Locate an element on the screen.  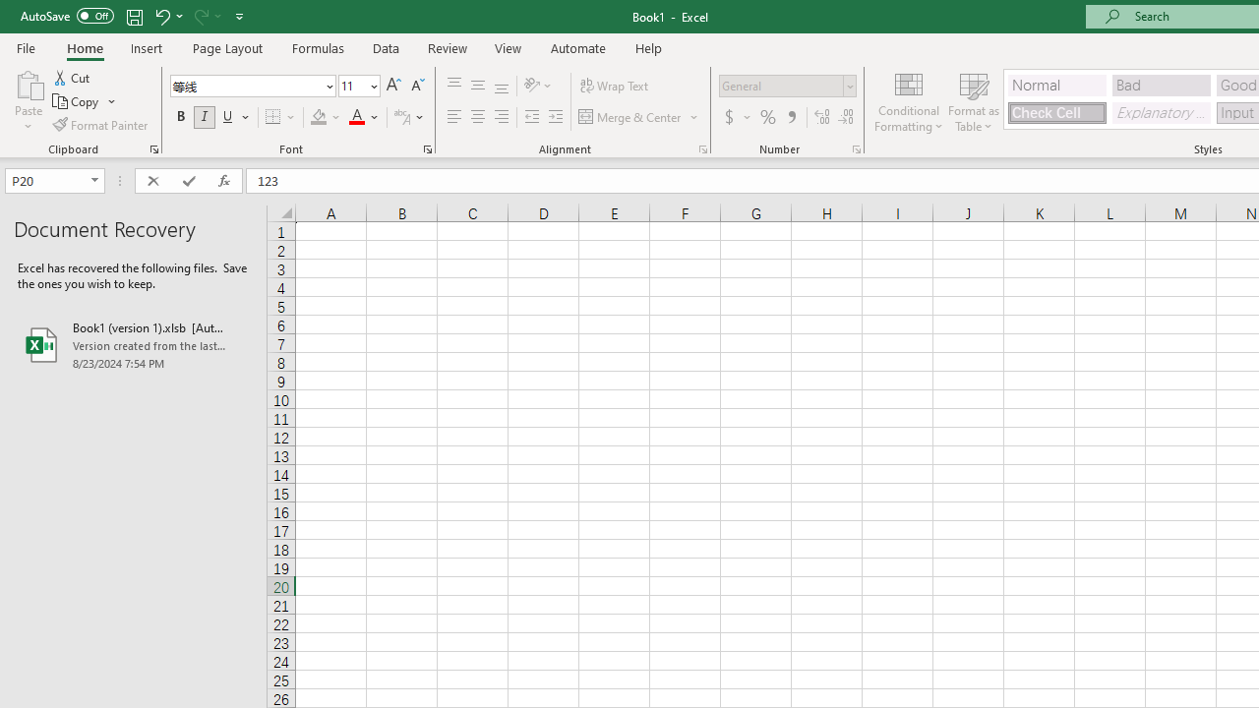
'Font' is located at coordinates (252, 85).